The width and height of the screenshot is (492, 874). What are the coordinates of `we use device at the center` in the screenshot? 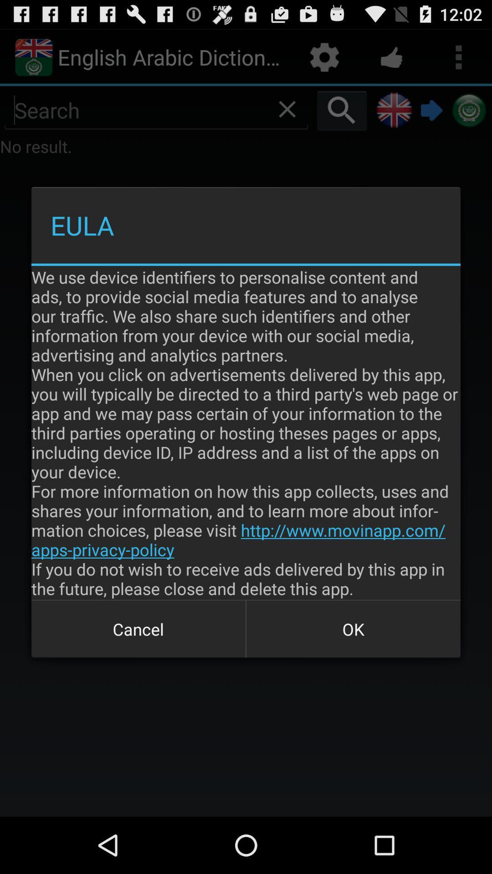 It's located at (246, 432).